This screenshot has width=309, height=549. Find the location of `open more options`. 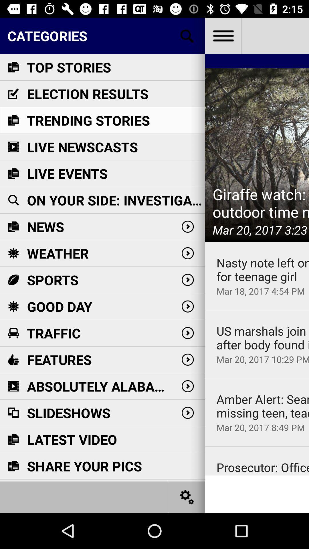

open more options is located at coordinates (223, 35).